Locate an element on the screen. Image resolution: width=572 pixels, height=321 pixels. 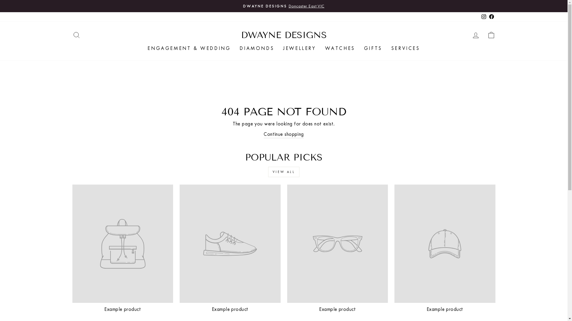
'Facebook' is located at coordinates (491, 16).